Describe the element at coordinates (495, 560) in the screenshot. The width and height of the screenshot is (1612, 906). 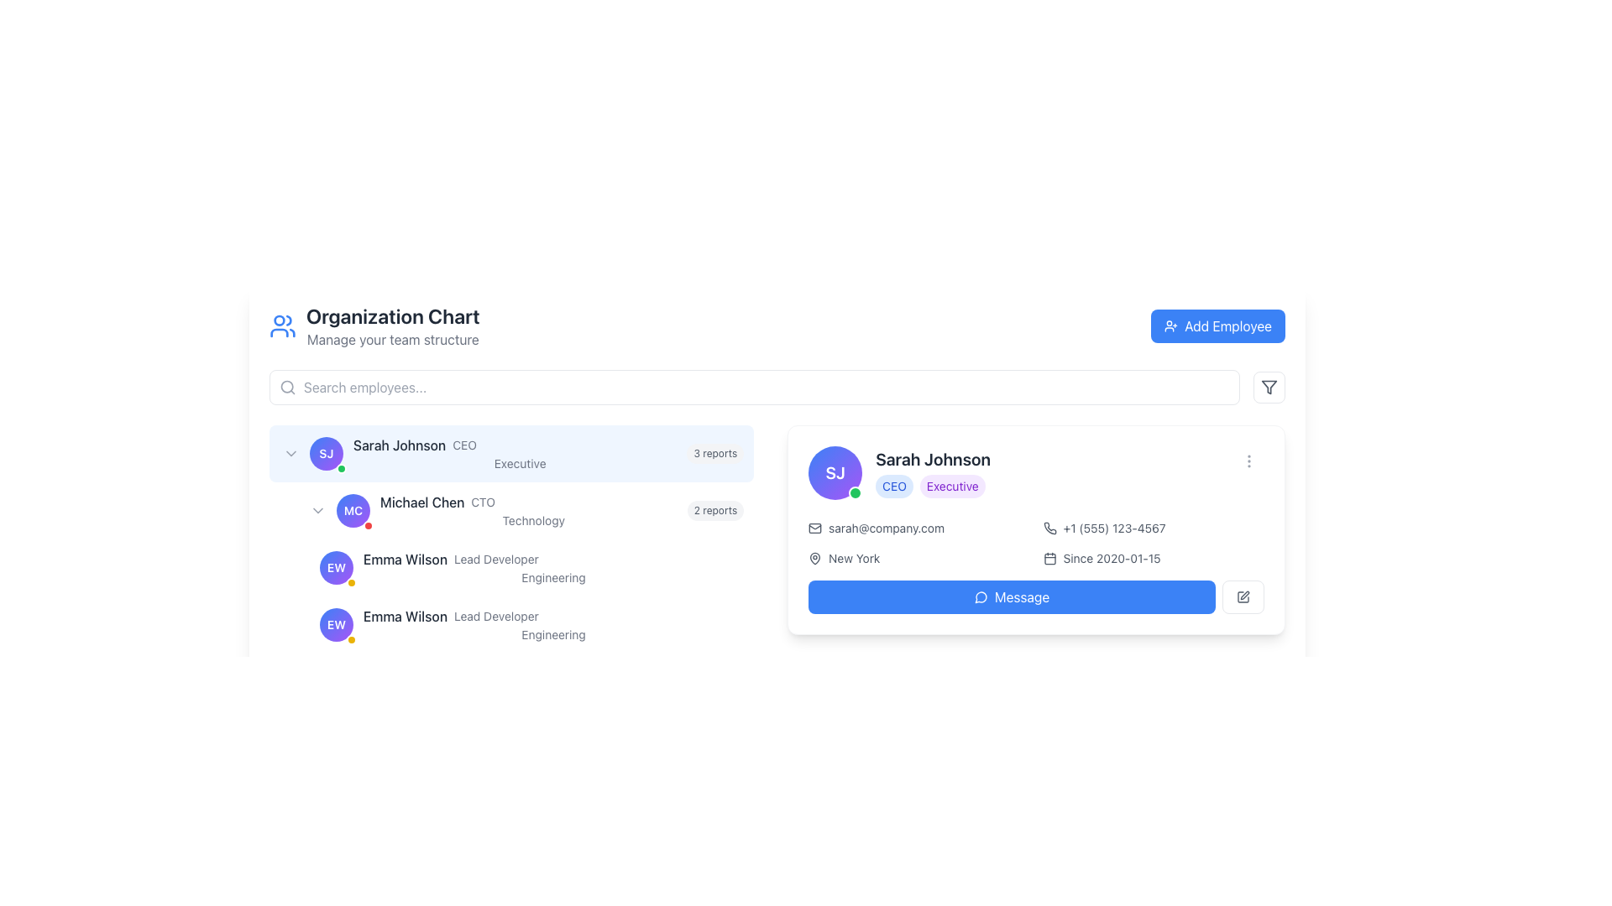
I see `text label 'Lead Developer' which is positioned adjacent to 'Emma Wilson' in gray color and small font` at that location.